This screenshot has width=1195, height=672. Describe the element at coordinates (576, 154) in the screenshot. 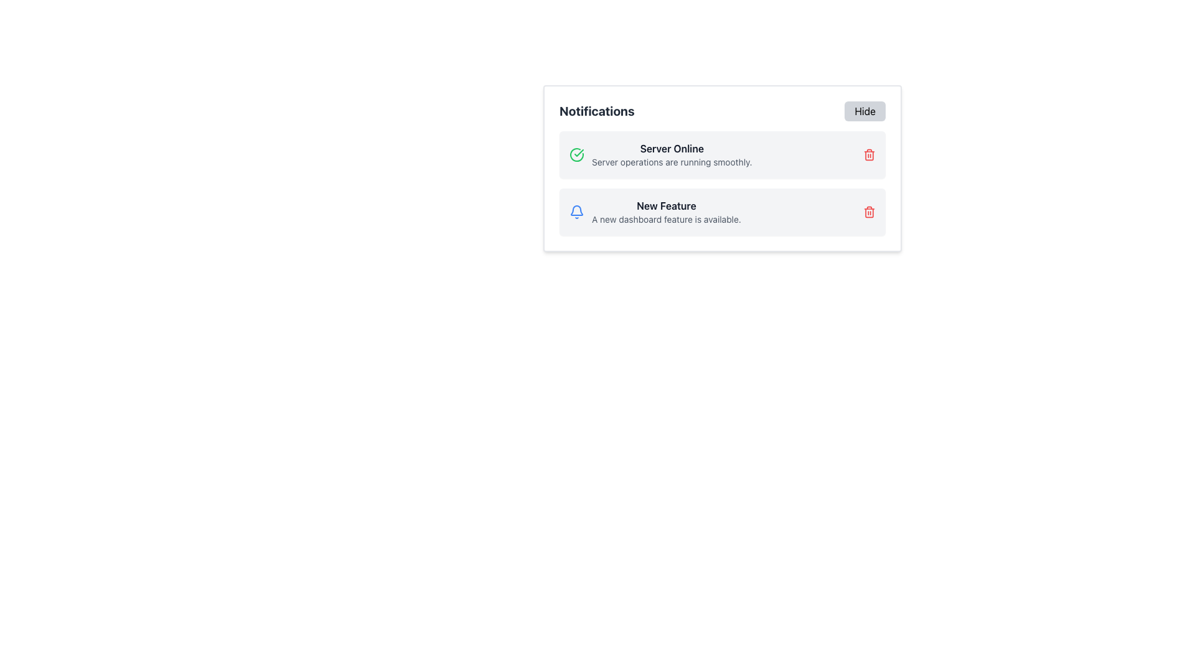

I see `the green checkmark icon indicating the 'Server Online' status located at the upper-left part of the notification card` at that location.